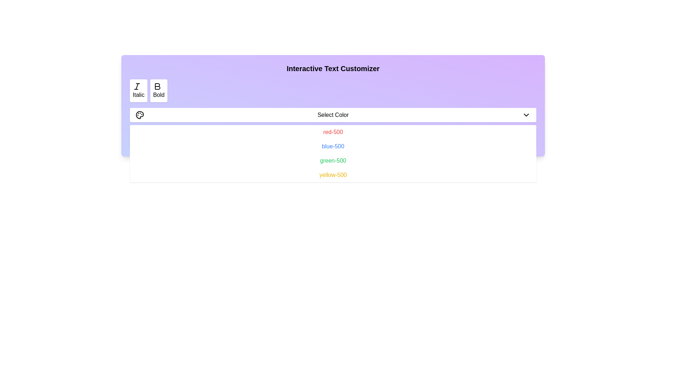  Describe the element at coordinates (333, 175) in the screenshot. I see `the text element 'yellow-500' within the dropdown menu` at that location.